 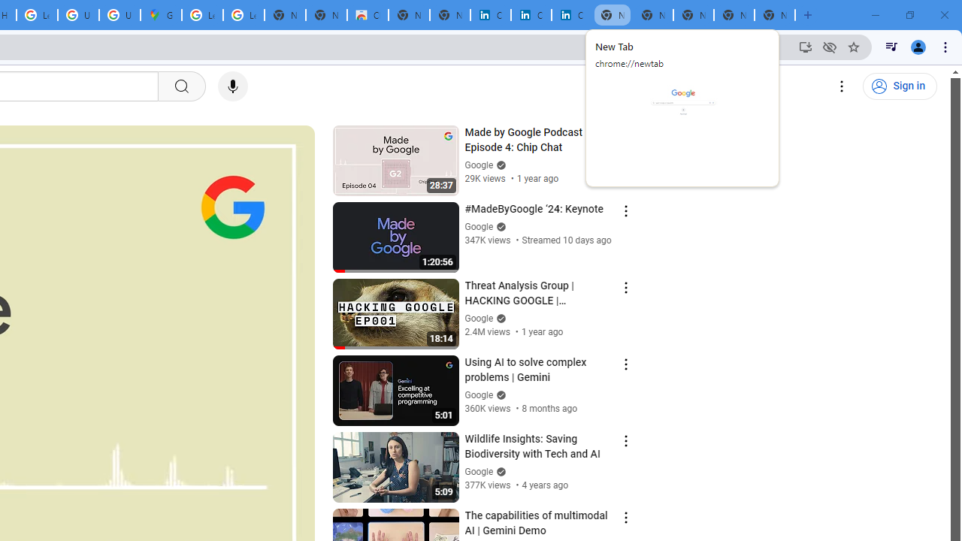 I want to click on 'Cookie Policy | LinkedIn', so click(x=531, y=15).